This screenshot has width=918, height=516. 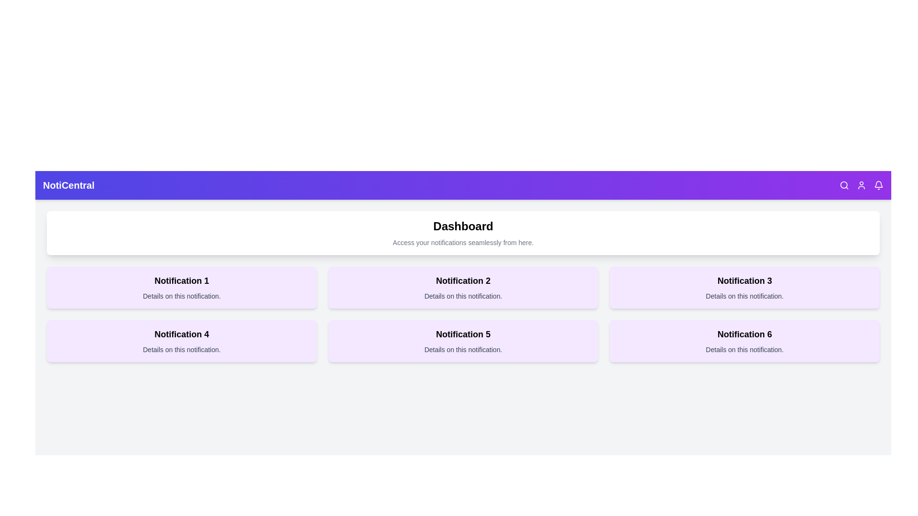 What do you see at coordinates (879, 185) in the screenshot?
I see `the bell icon in the app bar` at bounding box center [879, 185].